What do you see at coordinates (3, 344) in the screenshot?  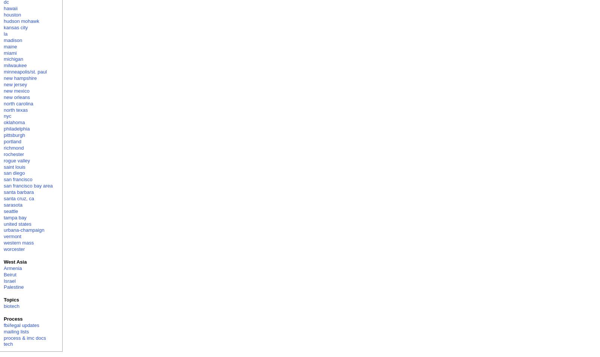 I see `'tech'` at bounding box center [3, 344].